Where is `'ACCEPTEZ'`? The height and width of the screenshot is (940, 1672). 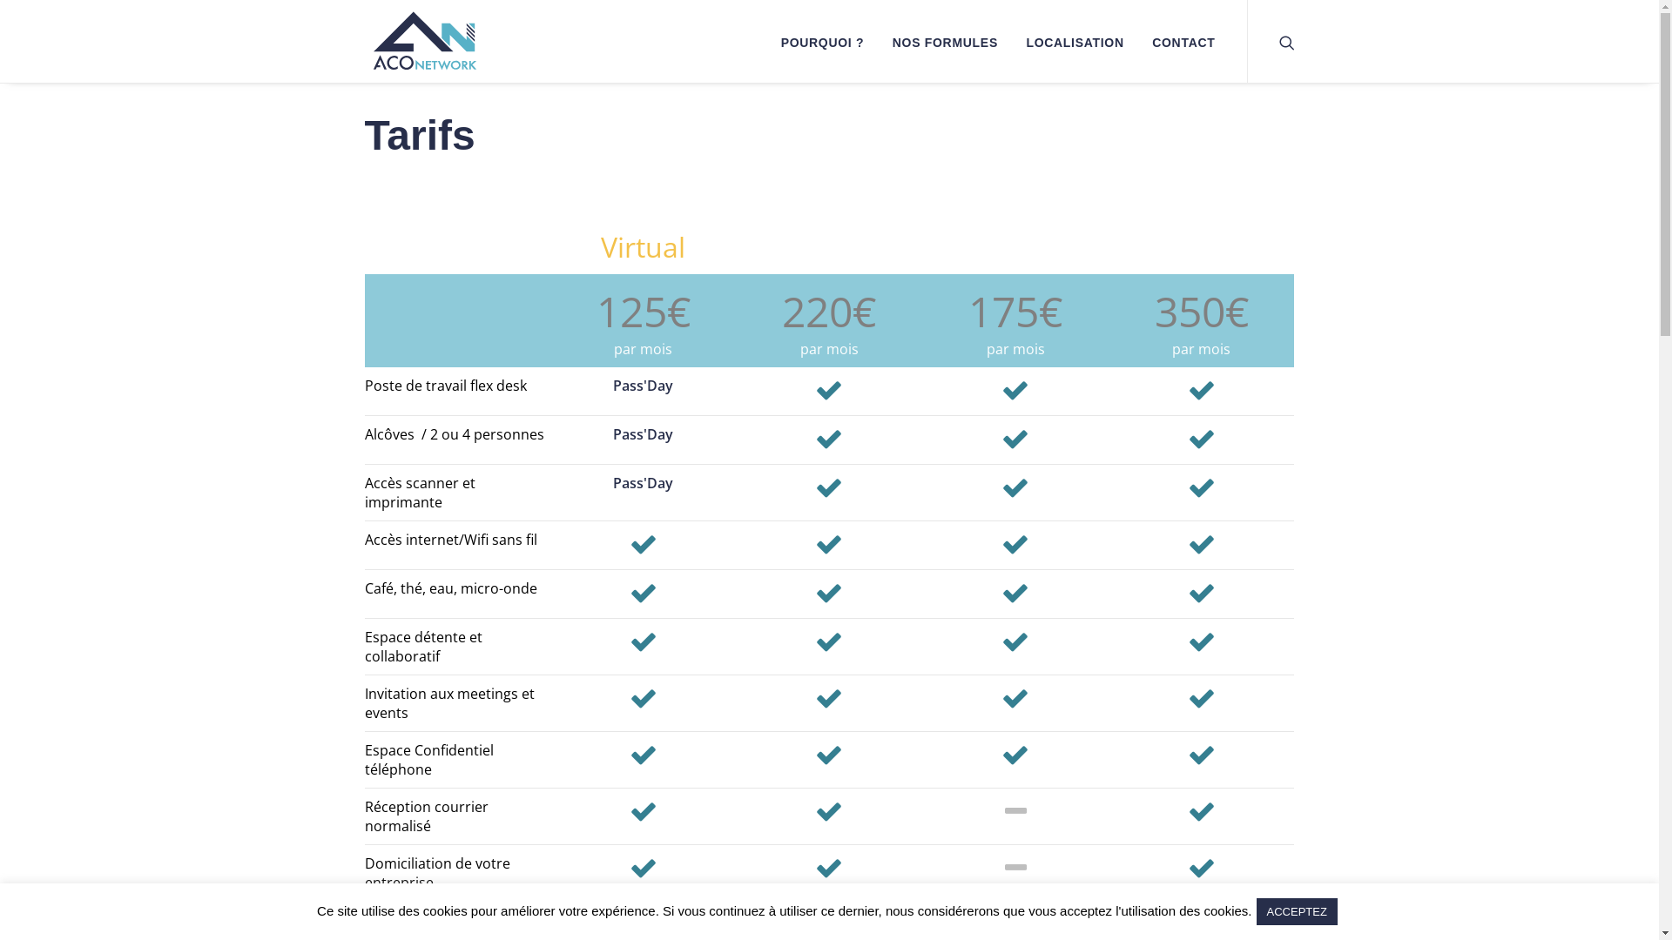
'ACCEPTEZ' is located at coordinates (1297, 910).